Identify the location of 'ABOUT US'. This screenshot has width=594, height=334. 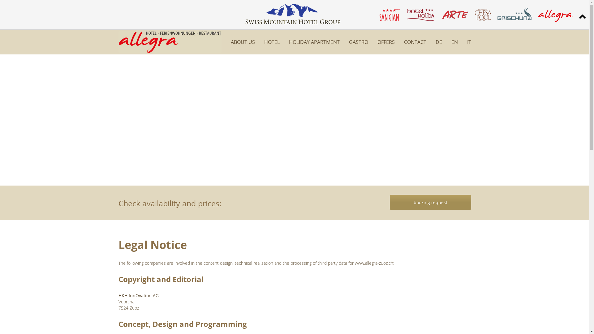
(243, 42).